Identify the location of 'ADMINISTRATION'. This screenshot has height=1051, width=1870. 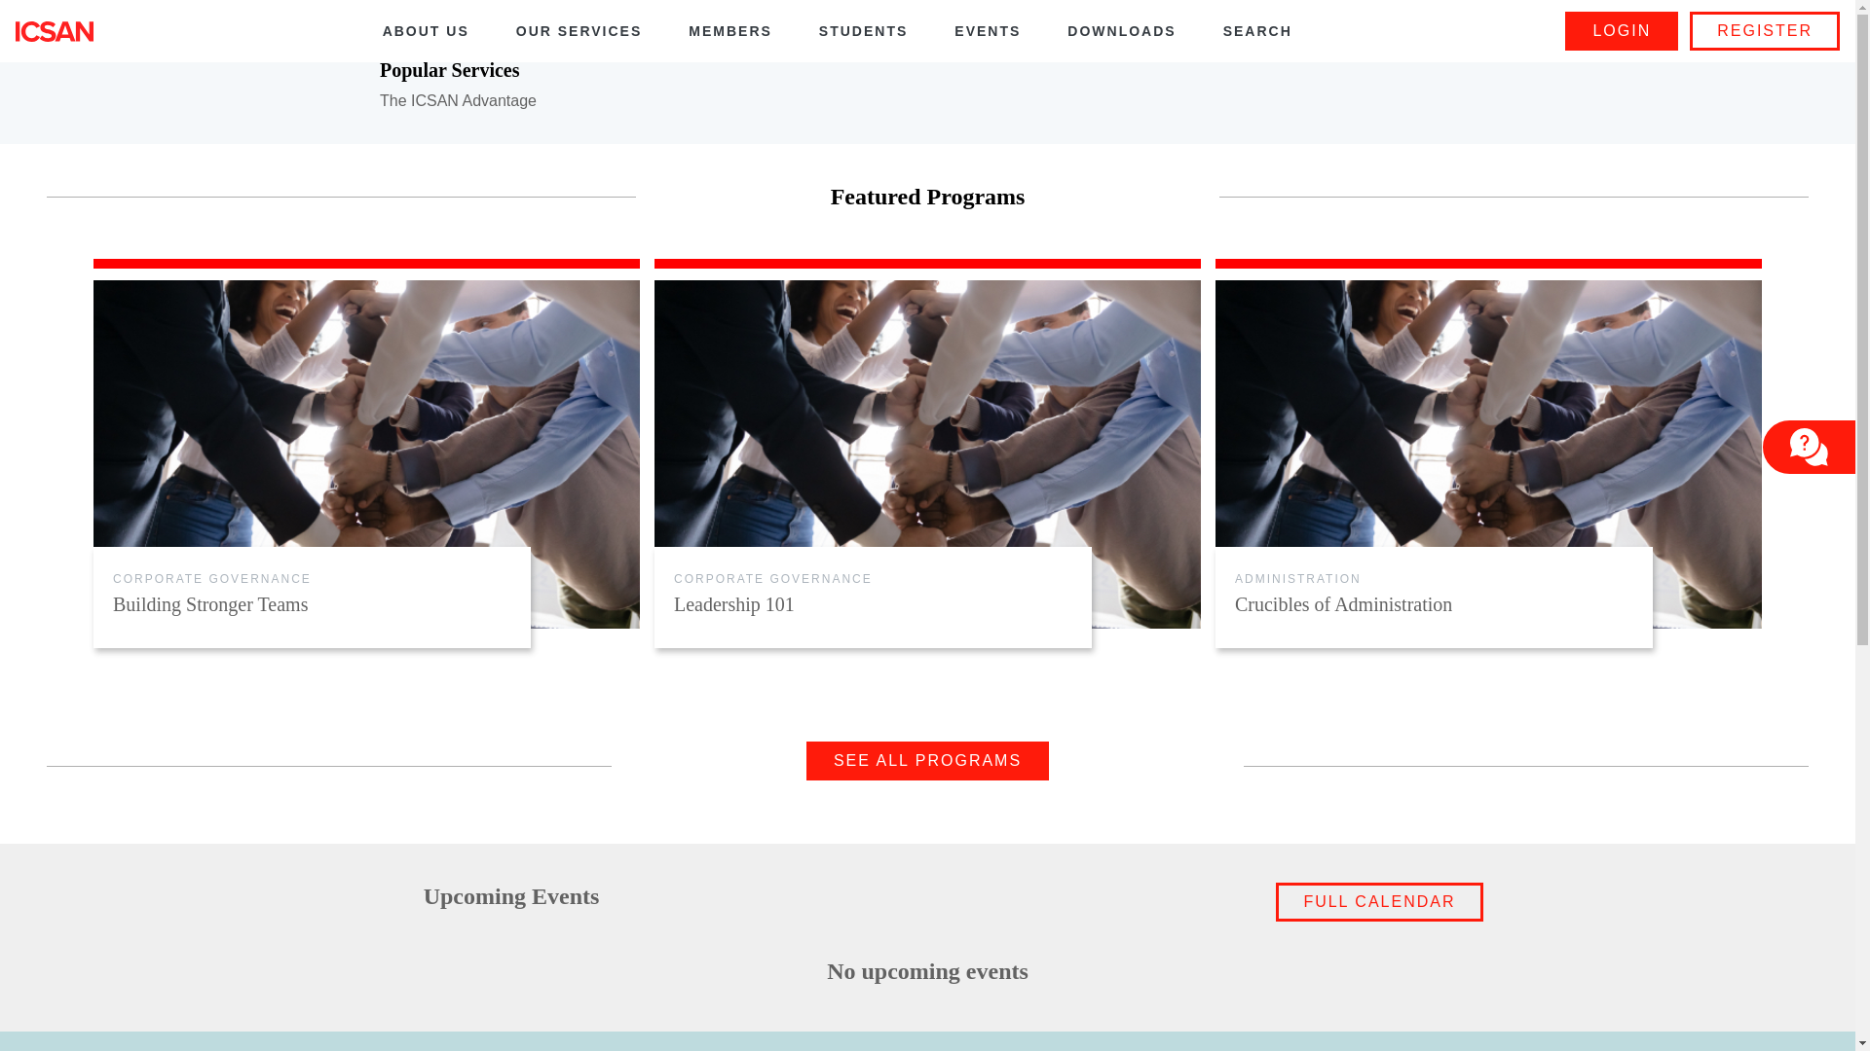
(1298, 577).